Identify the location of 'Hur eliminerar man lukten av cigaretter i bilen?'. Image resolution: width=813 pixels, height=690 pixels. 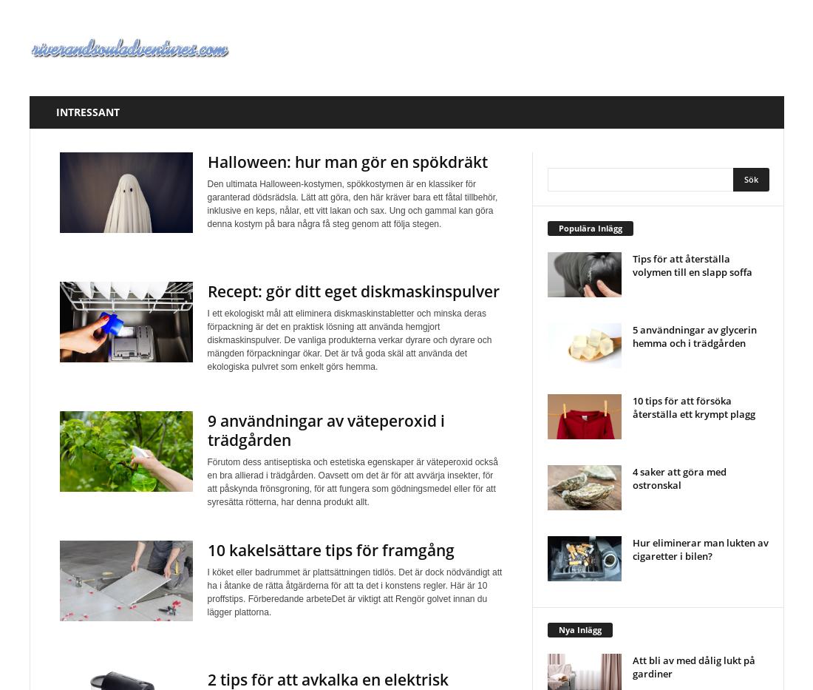
(699, 548).